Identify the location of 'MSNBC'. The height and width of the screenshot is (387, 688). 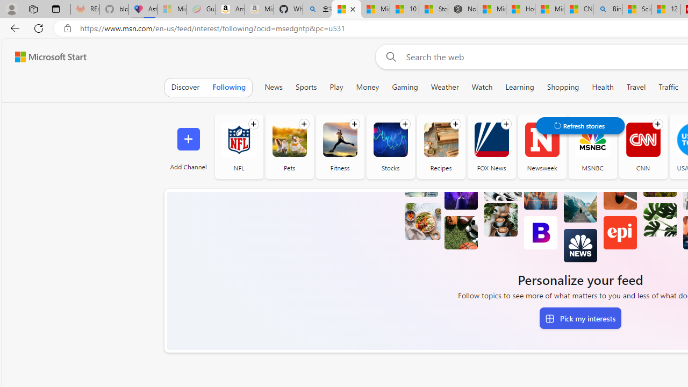
(592, 139).